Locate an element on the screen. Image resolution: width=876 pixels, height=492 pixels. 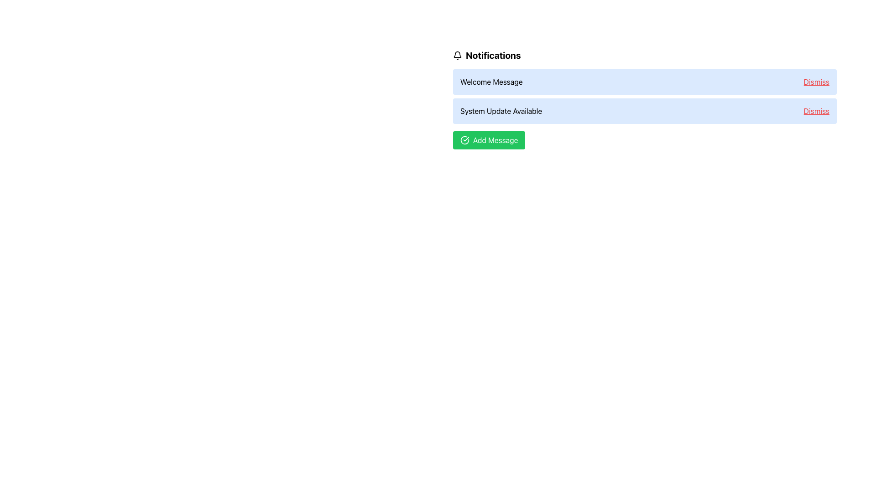
the Text Label that notifies users about the availability of a system update is located at coordinates (501, 110).